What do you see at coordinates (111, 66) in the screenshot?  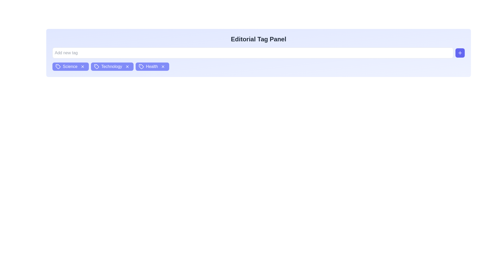 I see `the 'Technology' text label, which is the second tag in a sequence of three tags with a purple background in the Editorial Tag Panel` at bounding box center [111, 66].